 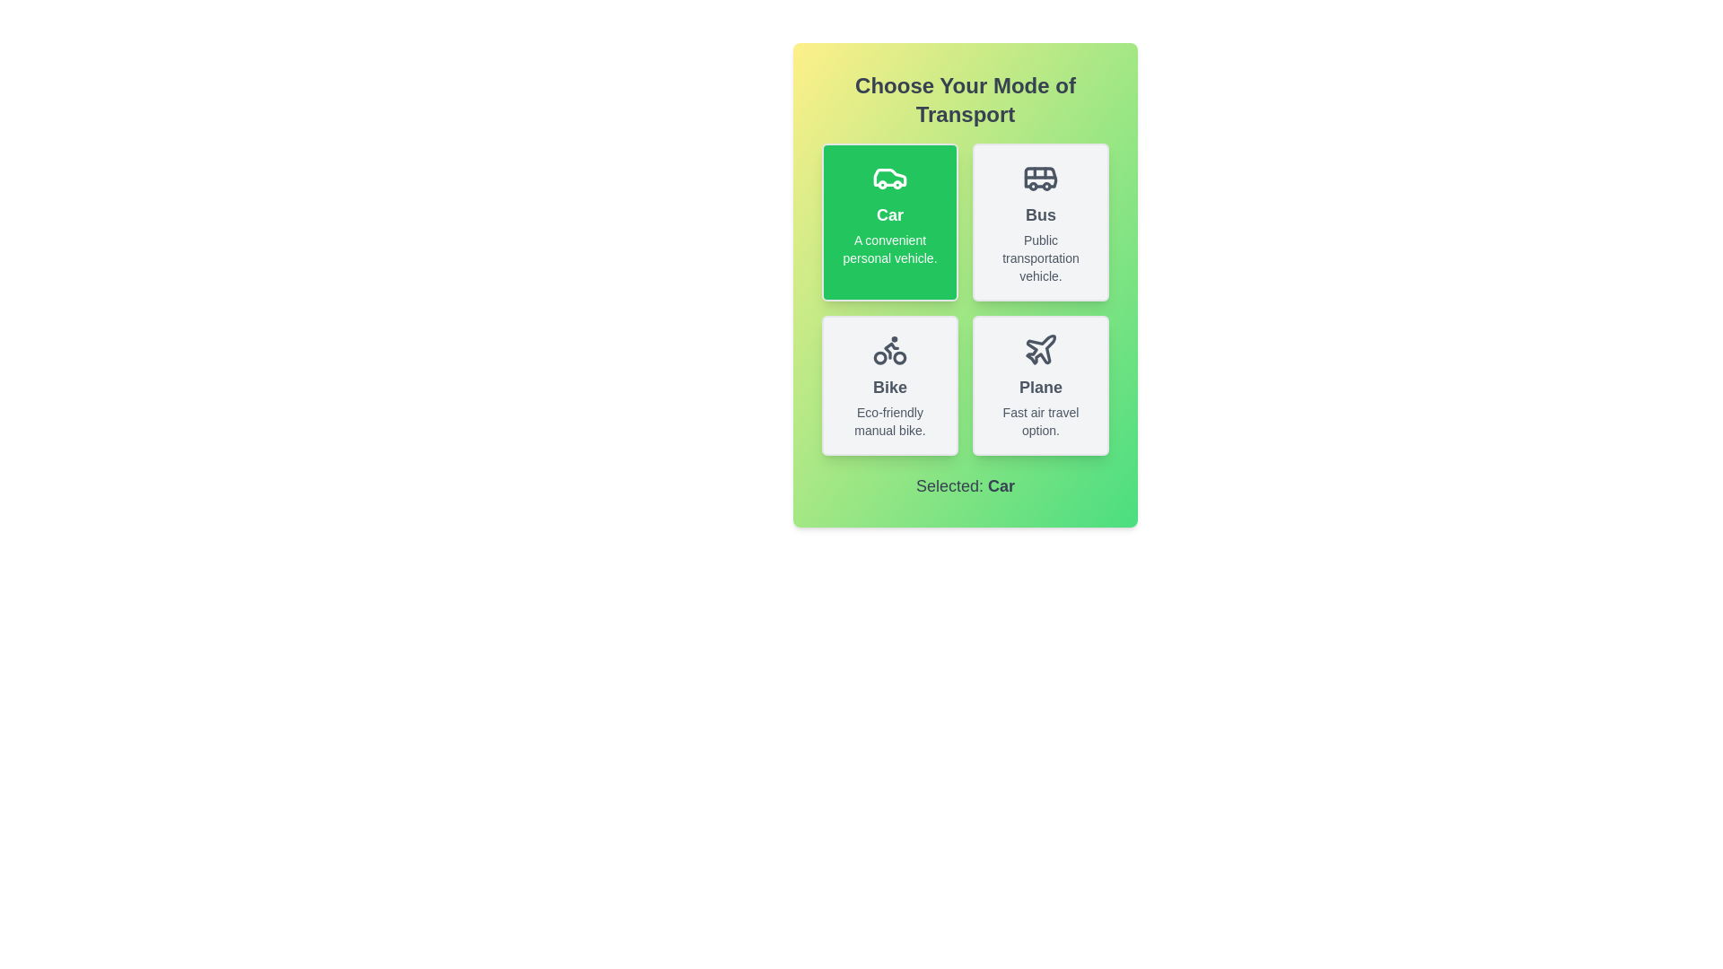 I want to click on the transport mode Plane by clicking the corresponding button, so click(x=1041, y=384).